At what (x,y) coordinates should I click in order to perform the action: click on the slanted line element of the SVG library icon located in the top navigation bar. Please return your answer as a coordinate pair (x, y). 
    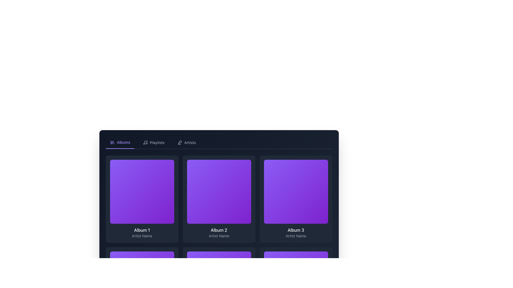
    Looking at the image, I should click on (113, 142).